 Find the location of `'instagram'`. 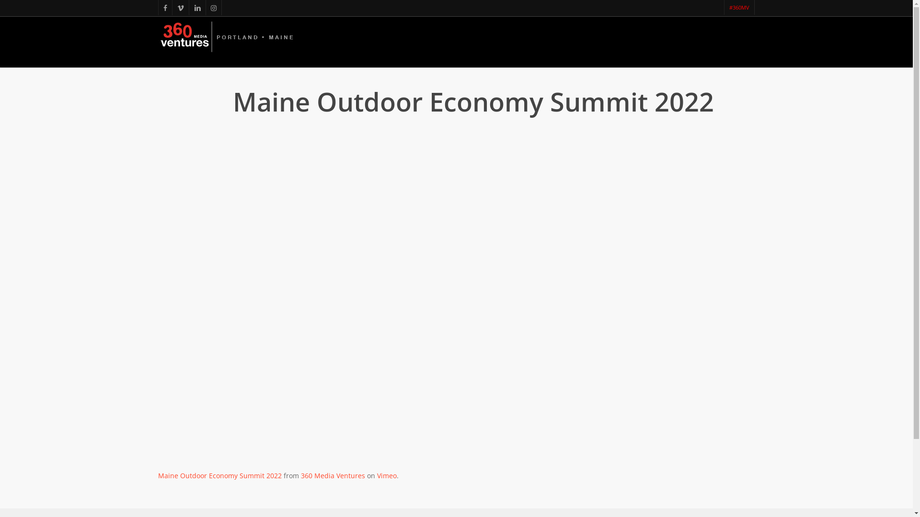

'instagram' is located at coordinates (213, 7).